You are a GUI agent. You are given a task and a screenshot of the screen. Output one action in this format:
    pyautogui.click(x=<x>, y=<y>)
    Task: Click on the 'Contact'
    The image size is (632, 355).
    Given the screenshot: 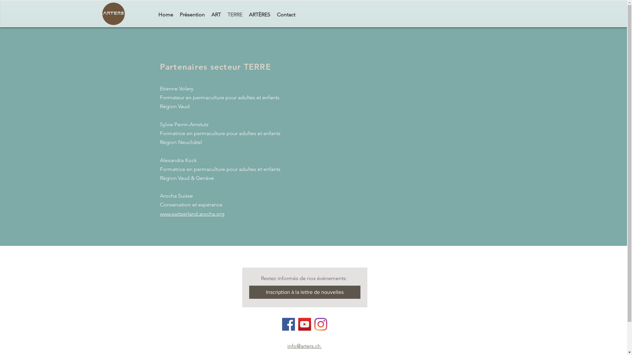 What is the action you would take?
    pyautogui.click(x=286, y=15)
    